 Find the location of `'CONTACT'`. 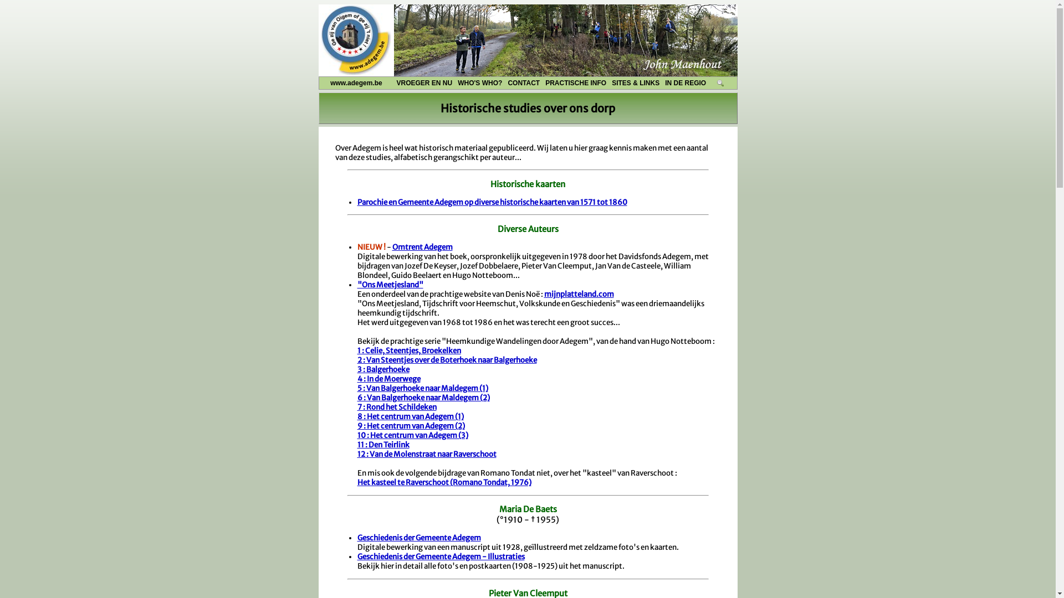

'CONTACT' is located at coordinates (523, 83).